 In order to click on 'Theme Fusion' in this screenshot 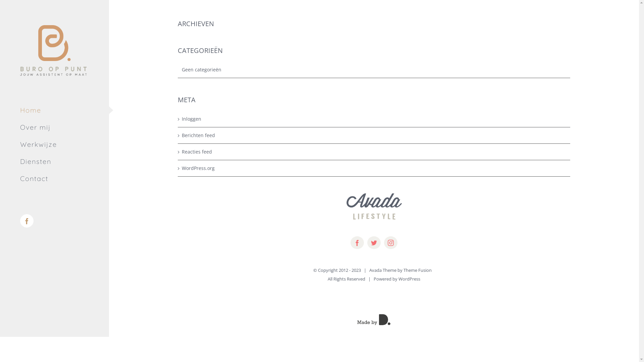, I will do `click(417, 270)`.